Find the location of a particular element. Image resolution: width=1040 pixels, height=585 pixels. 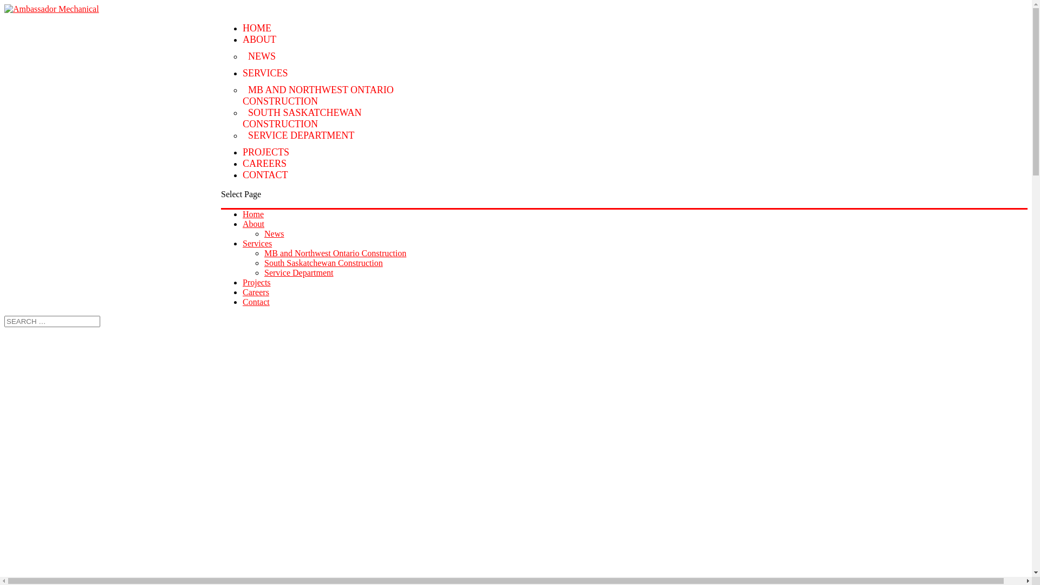

'Search for:' is located at coordinates (51, 321).